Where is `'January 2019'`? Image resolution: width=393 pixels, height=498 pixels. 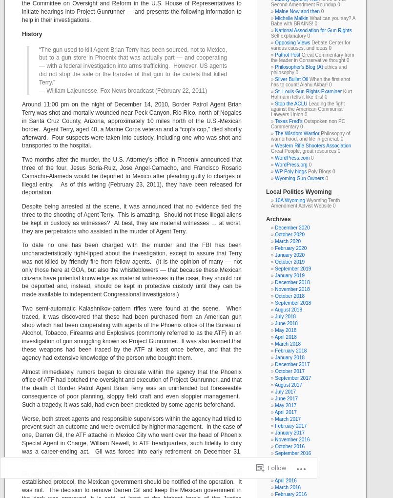 'January 2019' is located at coordinates (274, 275).